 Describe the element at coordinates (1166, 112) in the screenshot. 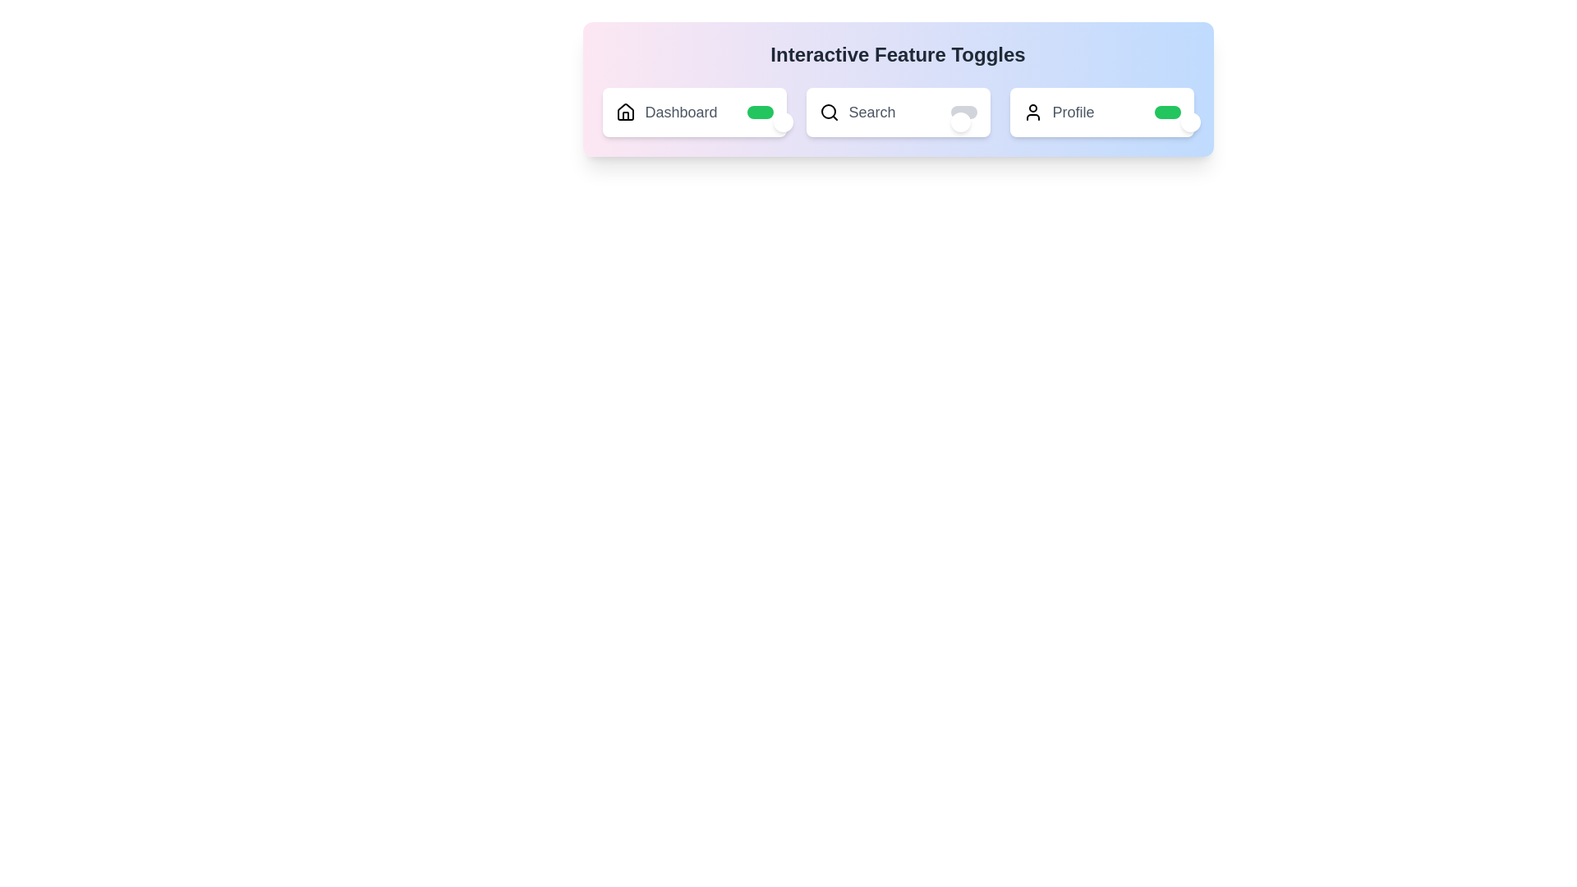

I see `the 'Profile' toggle switch to change its state` at that location.